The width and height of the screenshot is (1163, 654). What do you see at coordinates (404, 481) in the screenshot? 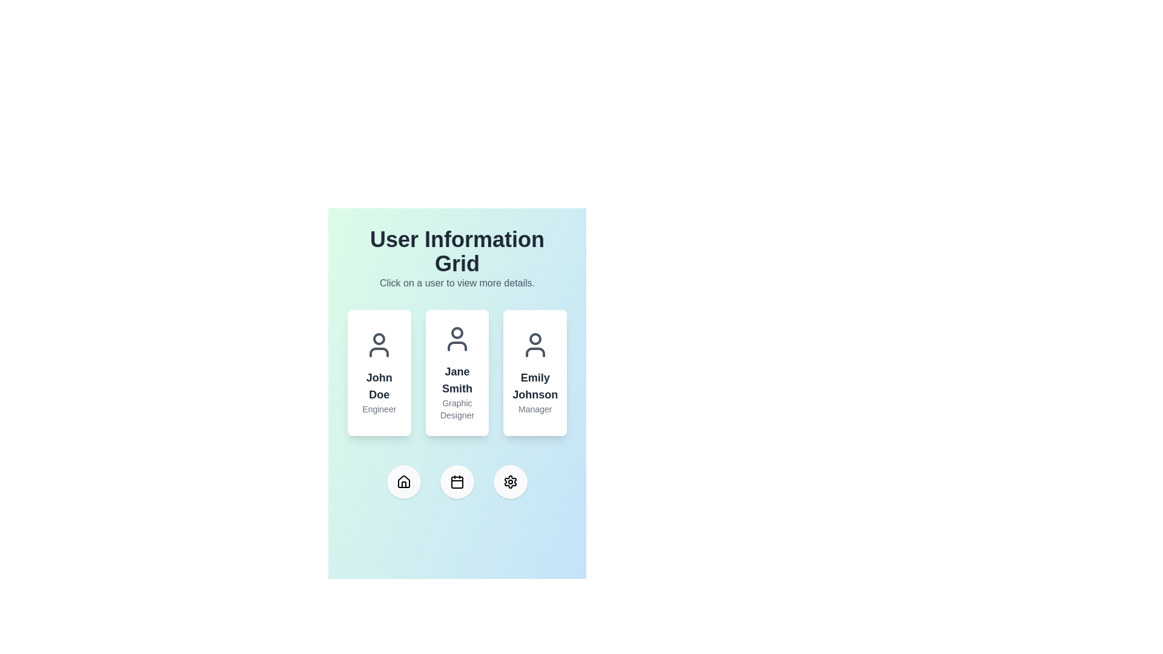
I see `the home button located at the bottom center of the interface, which is the leftmost button in a row of three buttons` at bounding box center [404, 481].